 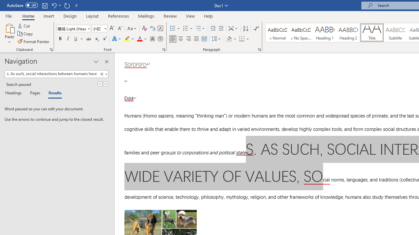 I want to click on 'Font Color RGB(255, 0, 0)', so click(x=139, y=39).